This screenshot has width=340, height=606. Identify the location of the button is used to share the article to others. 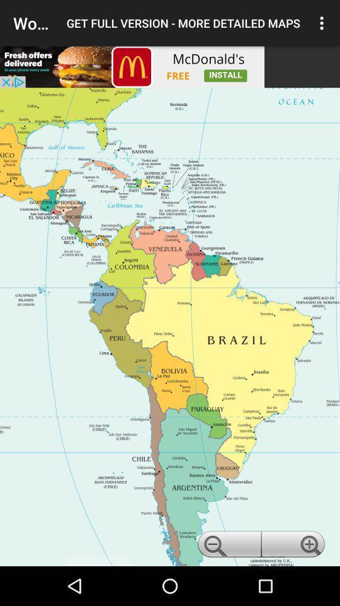
(132, 67).